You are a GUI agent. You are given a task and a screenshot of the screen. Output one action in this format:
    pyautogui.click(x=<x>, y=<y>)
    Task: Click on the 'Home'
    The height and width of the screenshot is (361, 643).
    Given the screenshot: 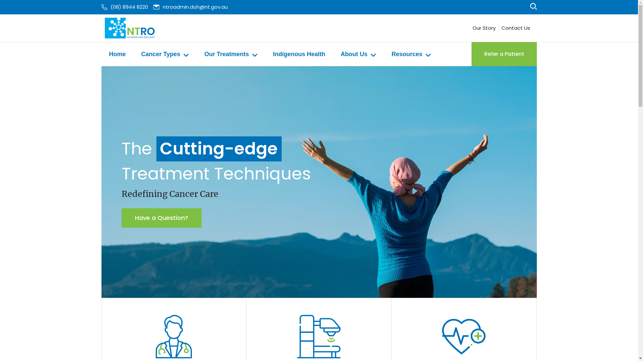 What is the action you would take?
    pyautogui.click(x=117, y=54)
    